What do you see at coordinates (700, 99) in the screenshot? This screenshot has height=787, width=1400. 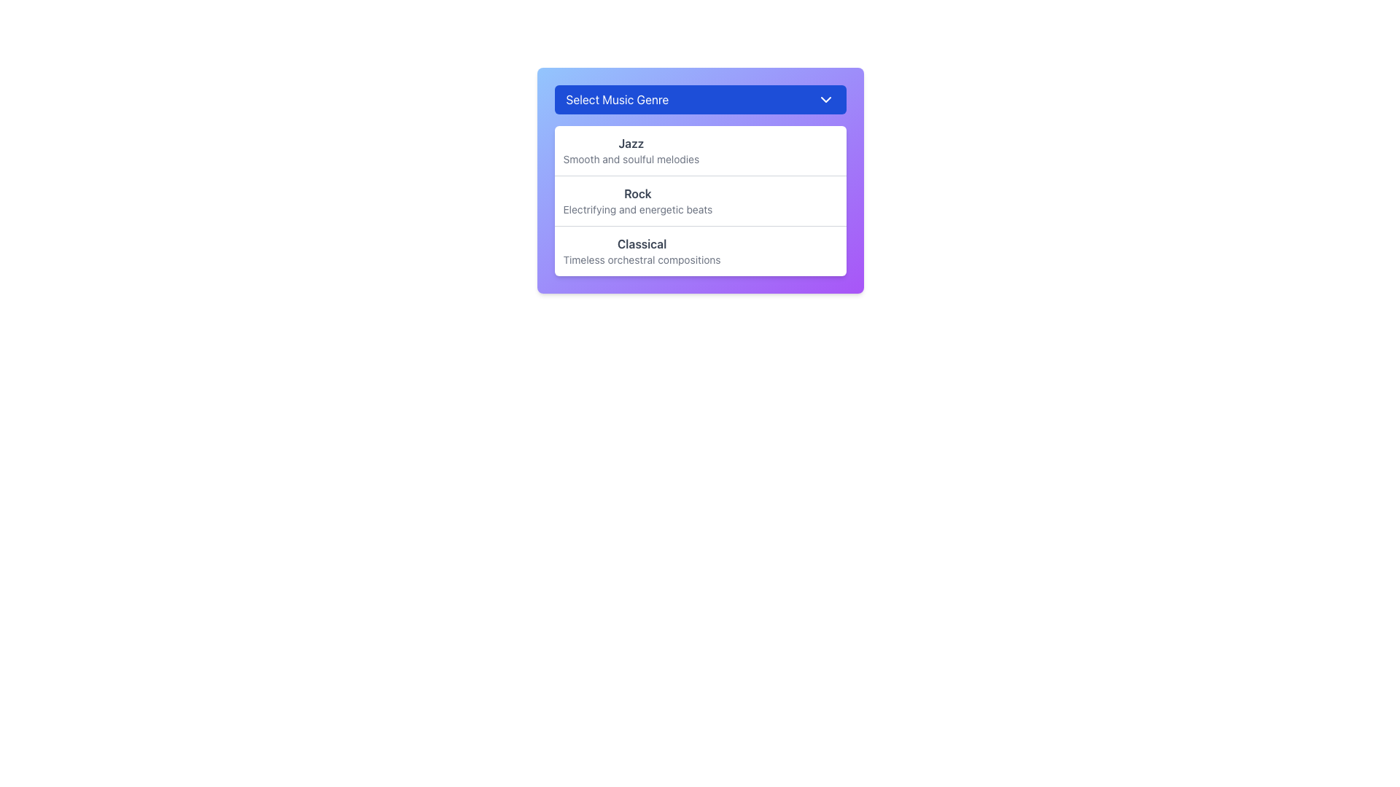 I see `the dropdown menu labeled 'Select Music Genre'` at bounding box center [700, 99].